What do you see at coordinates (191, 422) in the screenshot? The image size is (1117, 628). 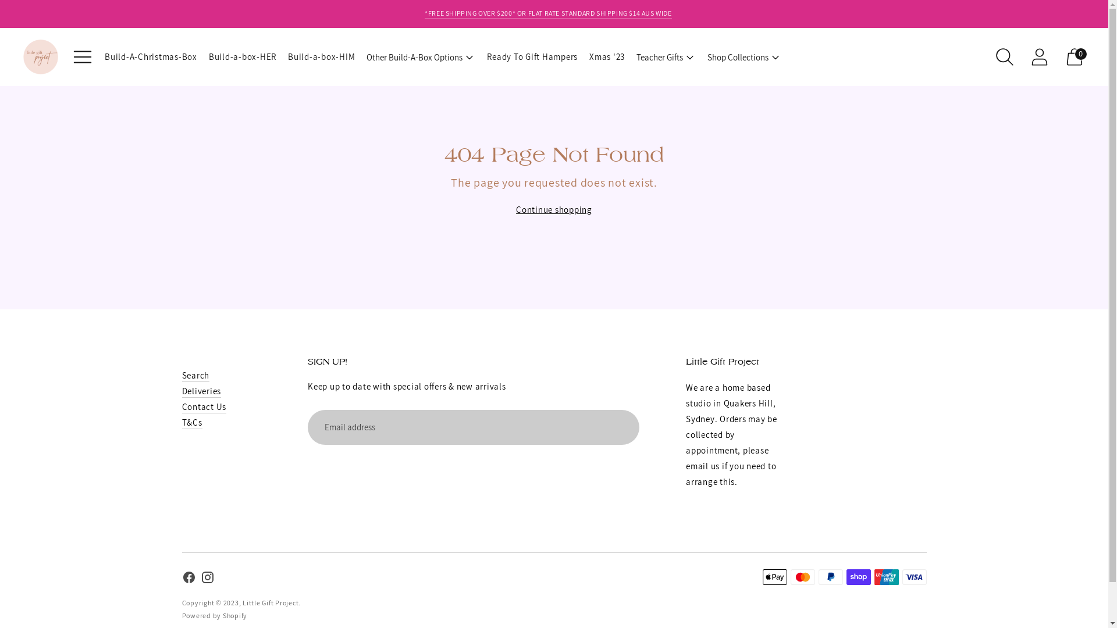 I see `'T&Cs'` at bounding box center [191, 422].